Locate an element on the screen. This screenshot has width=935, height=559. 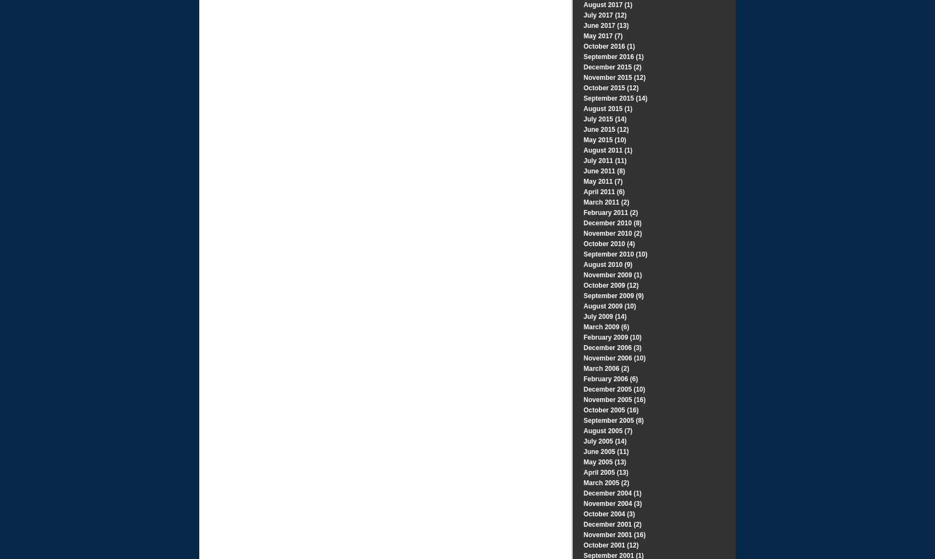
'September 2015 (14)' is located at coordinates (615, 97).